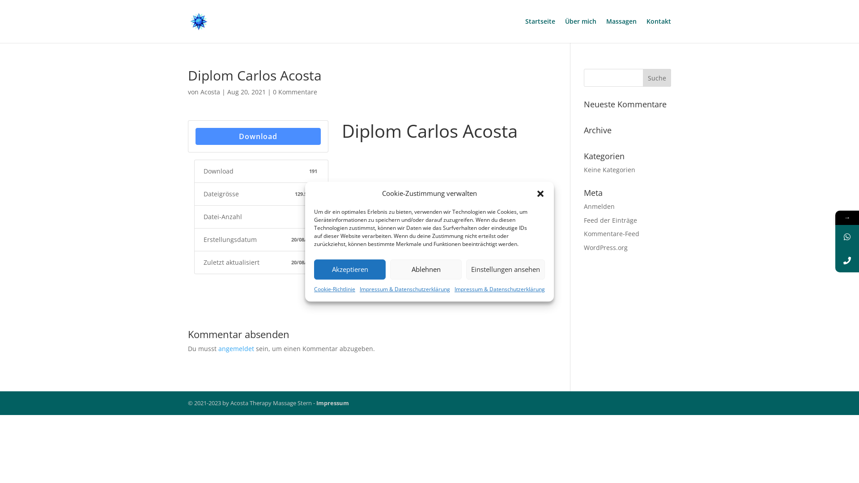 This screenshot has width=859, height=483. Describe the element at coordinates (210, 92) in the screenshot. I see `'Acosta'` at that location.